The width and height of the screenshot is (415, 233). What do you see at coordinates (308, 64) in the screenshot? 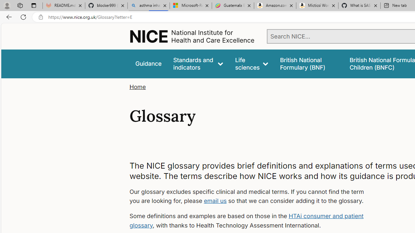
I see `'false'` at bounding box center [308, 64].